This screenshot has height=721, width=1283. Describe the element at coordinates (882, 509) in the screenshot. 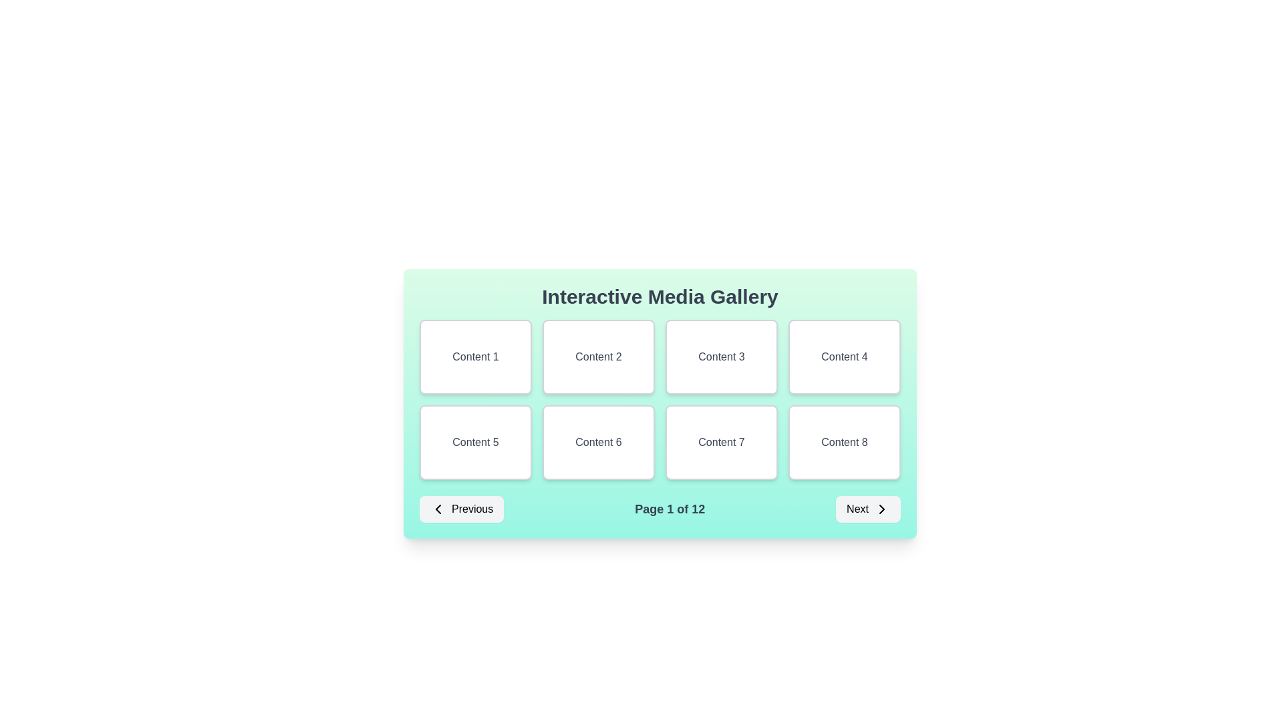

I see `the navigation icon located on the right side of the 'Next' button at the bottom-right of the page` at that location.